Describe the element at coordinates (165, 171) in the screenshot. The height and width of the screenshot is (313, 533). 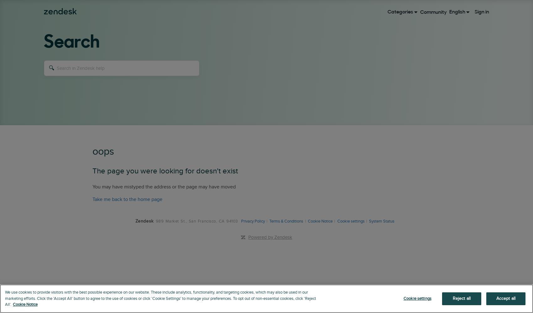
I see `'The page you were looking for doesn't exist'` at that location.